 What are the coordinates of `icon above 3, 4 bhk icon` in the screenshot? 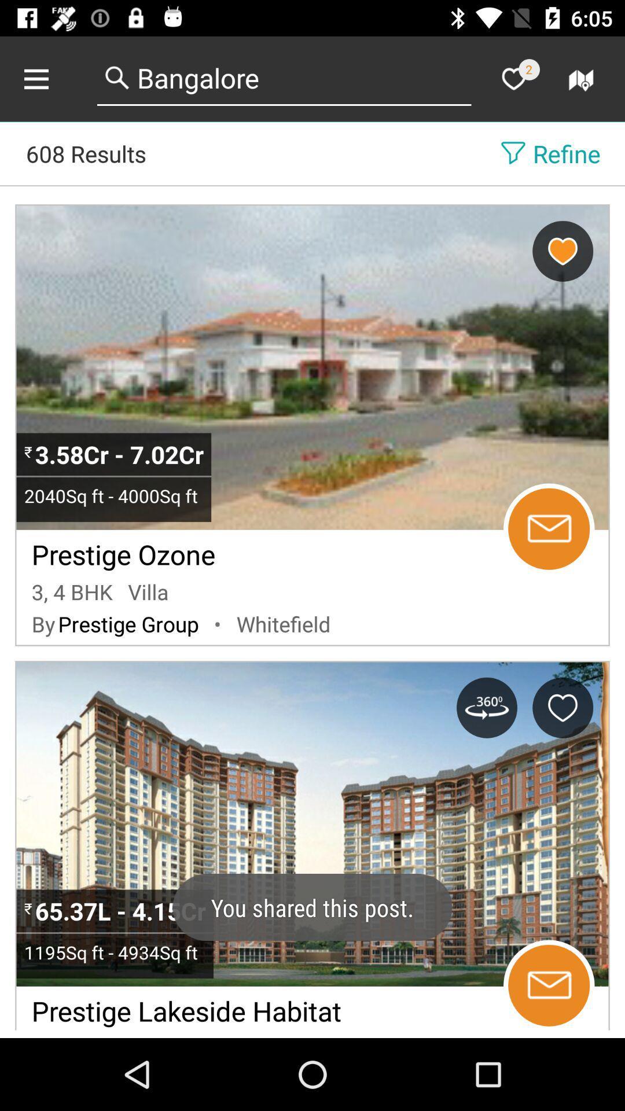 It's located at (123, 550).